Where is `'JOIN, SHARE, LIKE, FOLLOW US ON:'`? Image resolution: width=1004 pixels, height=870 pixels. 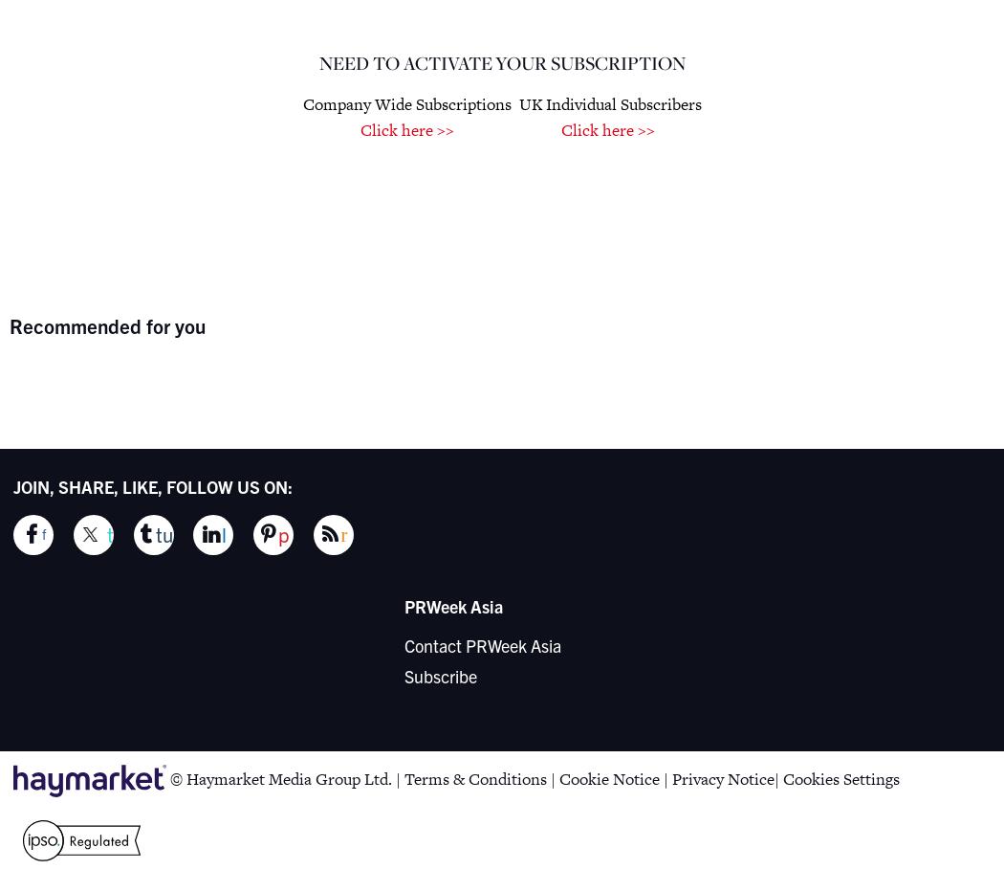
'JOIN, SHARE, LIKE, FOLLOW US ON:' is located at coordinates (153, 484).